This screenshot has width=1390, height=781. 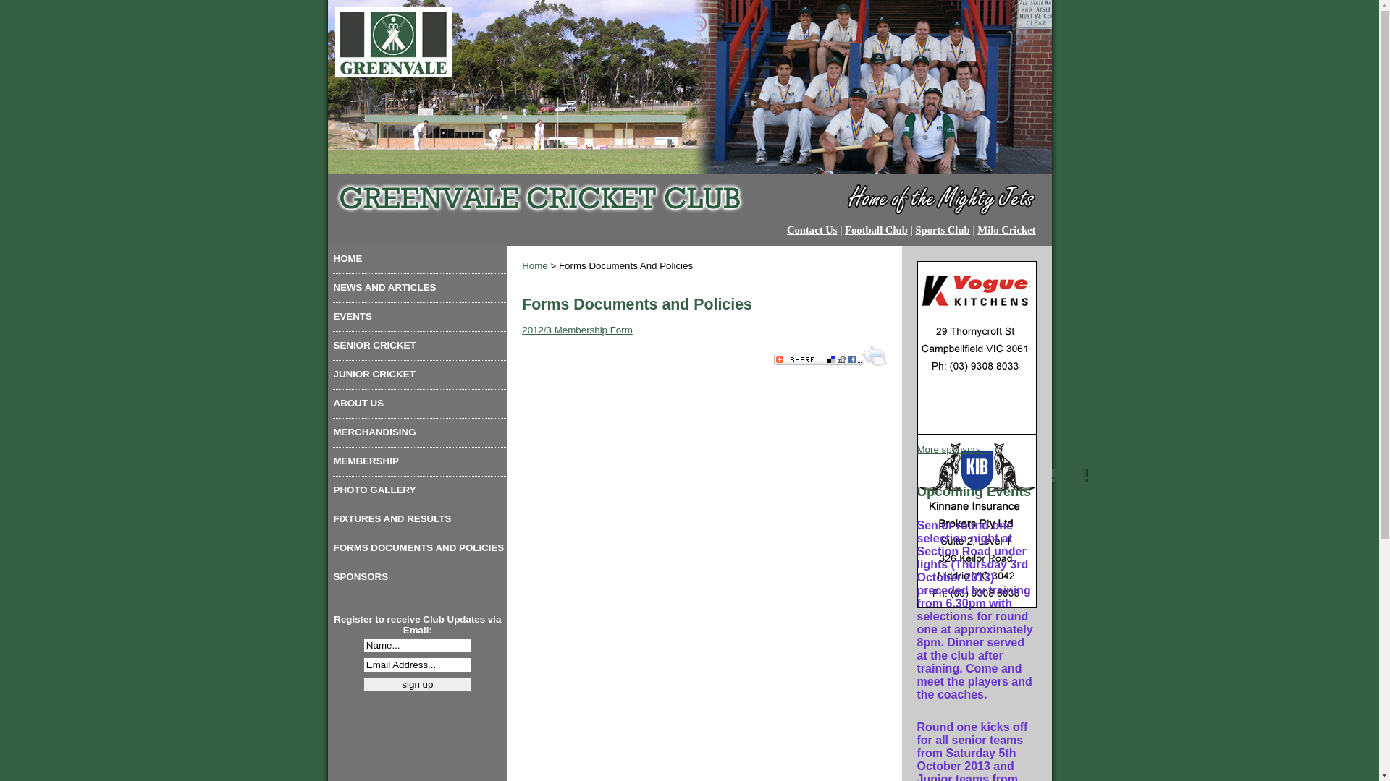 What do you see at coordinates (418, 262) in the screenshot?
I see `'HOME'` at bounding box center [418, 262].